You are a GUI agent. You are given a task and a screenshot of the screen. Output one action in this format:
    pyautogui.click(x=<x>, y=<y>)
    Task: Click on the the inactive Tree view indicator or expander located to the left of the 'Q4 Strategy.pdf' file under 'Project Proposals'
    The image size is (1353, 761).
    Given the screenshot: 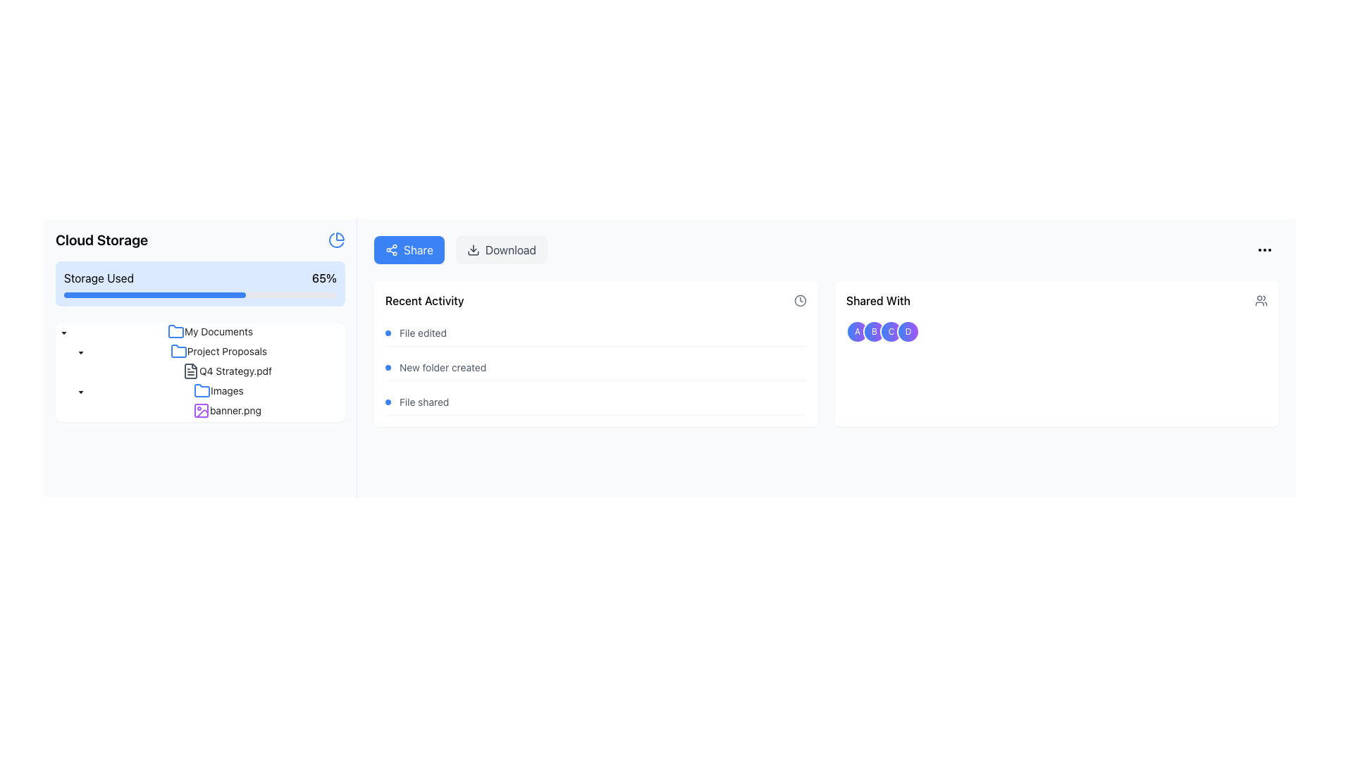 What is the action you would take?
    pyautogui.click(x=97, y=371)
    